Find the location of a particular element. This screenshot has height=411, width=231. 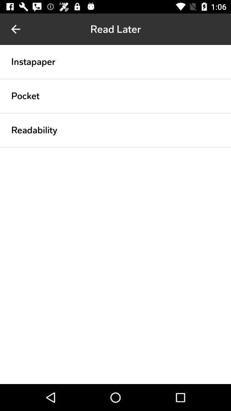

the readability is located at coordinates (34, 130).